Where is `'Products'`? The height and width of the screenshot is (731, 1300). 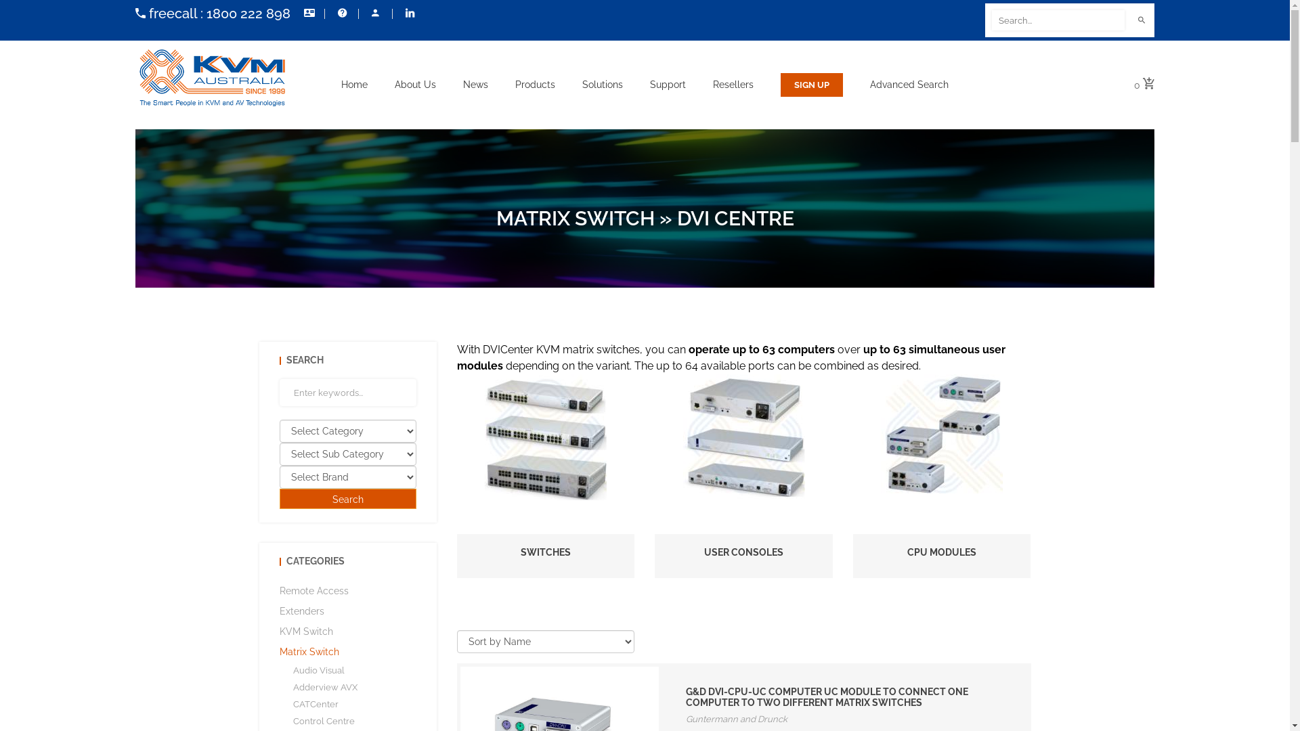
'Products' is located at coordinates (534, 83).